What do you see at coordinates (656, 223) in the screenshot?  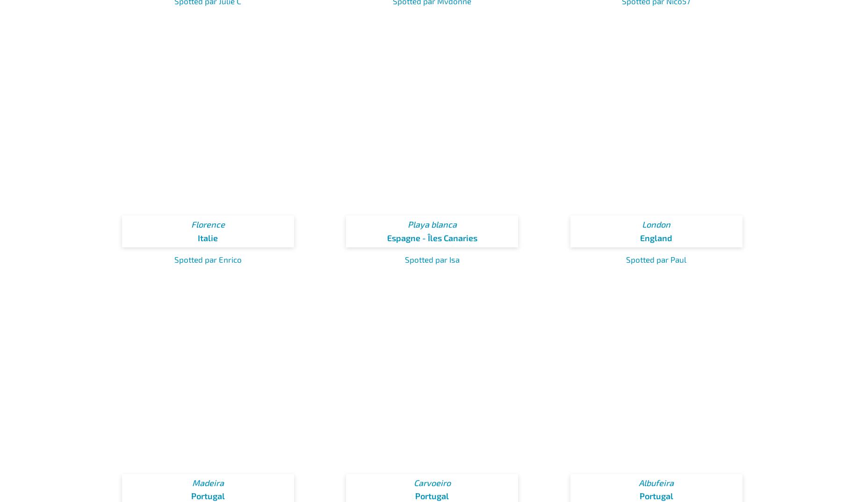 I see `'London'` at bounding box center [656, 223].